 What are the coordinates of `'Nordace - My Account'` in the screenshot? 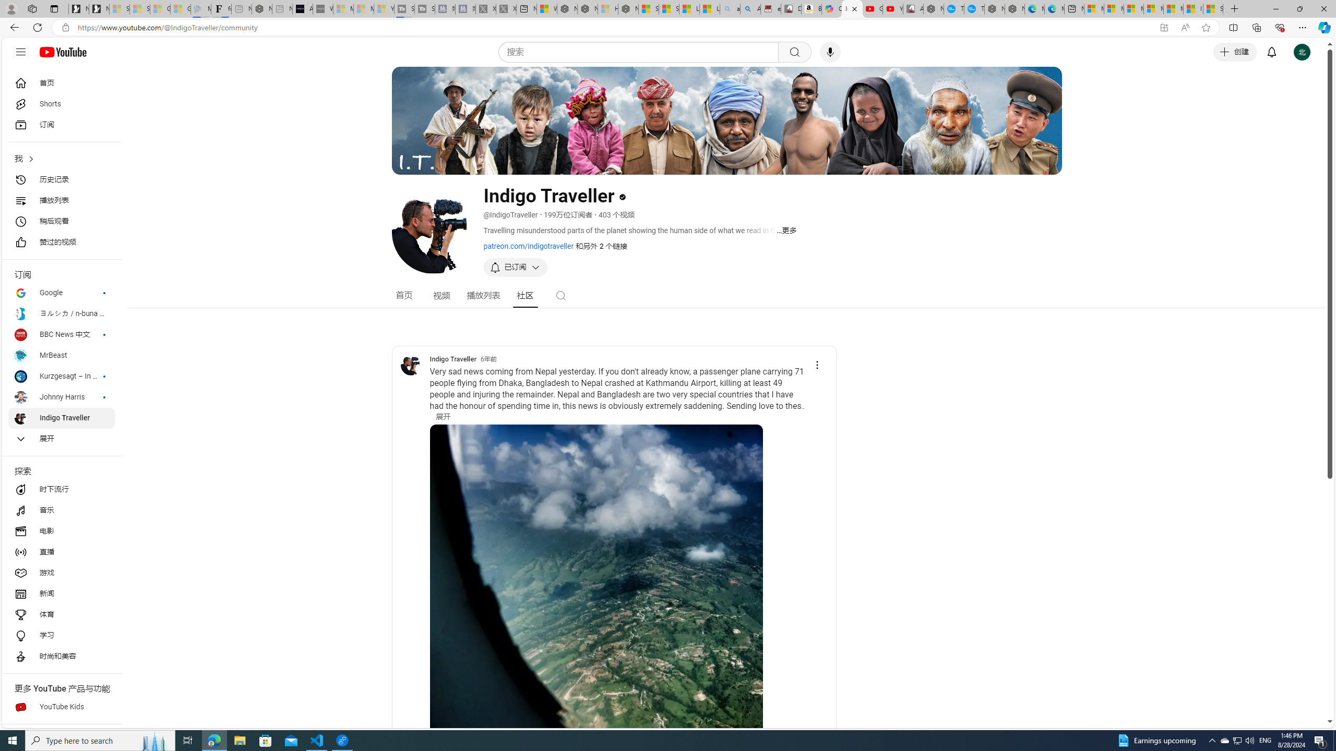 It's located at (934, 8).